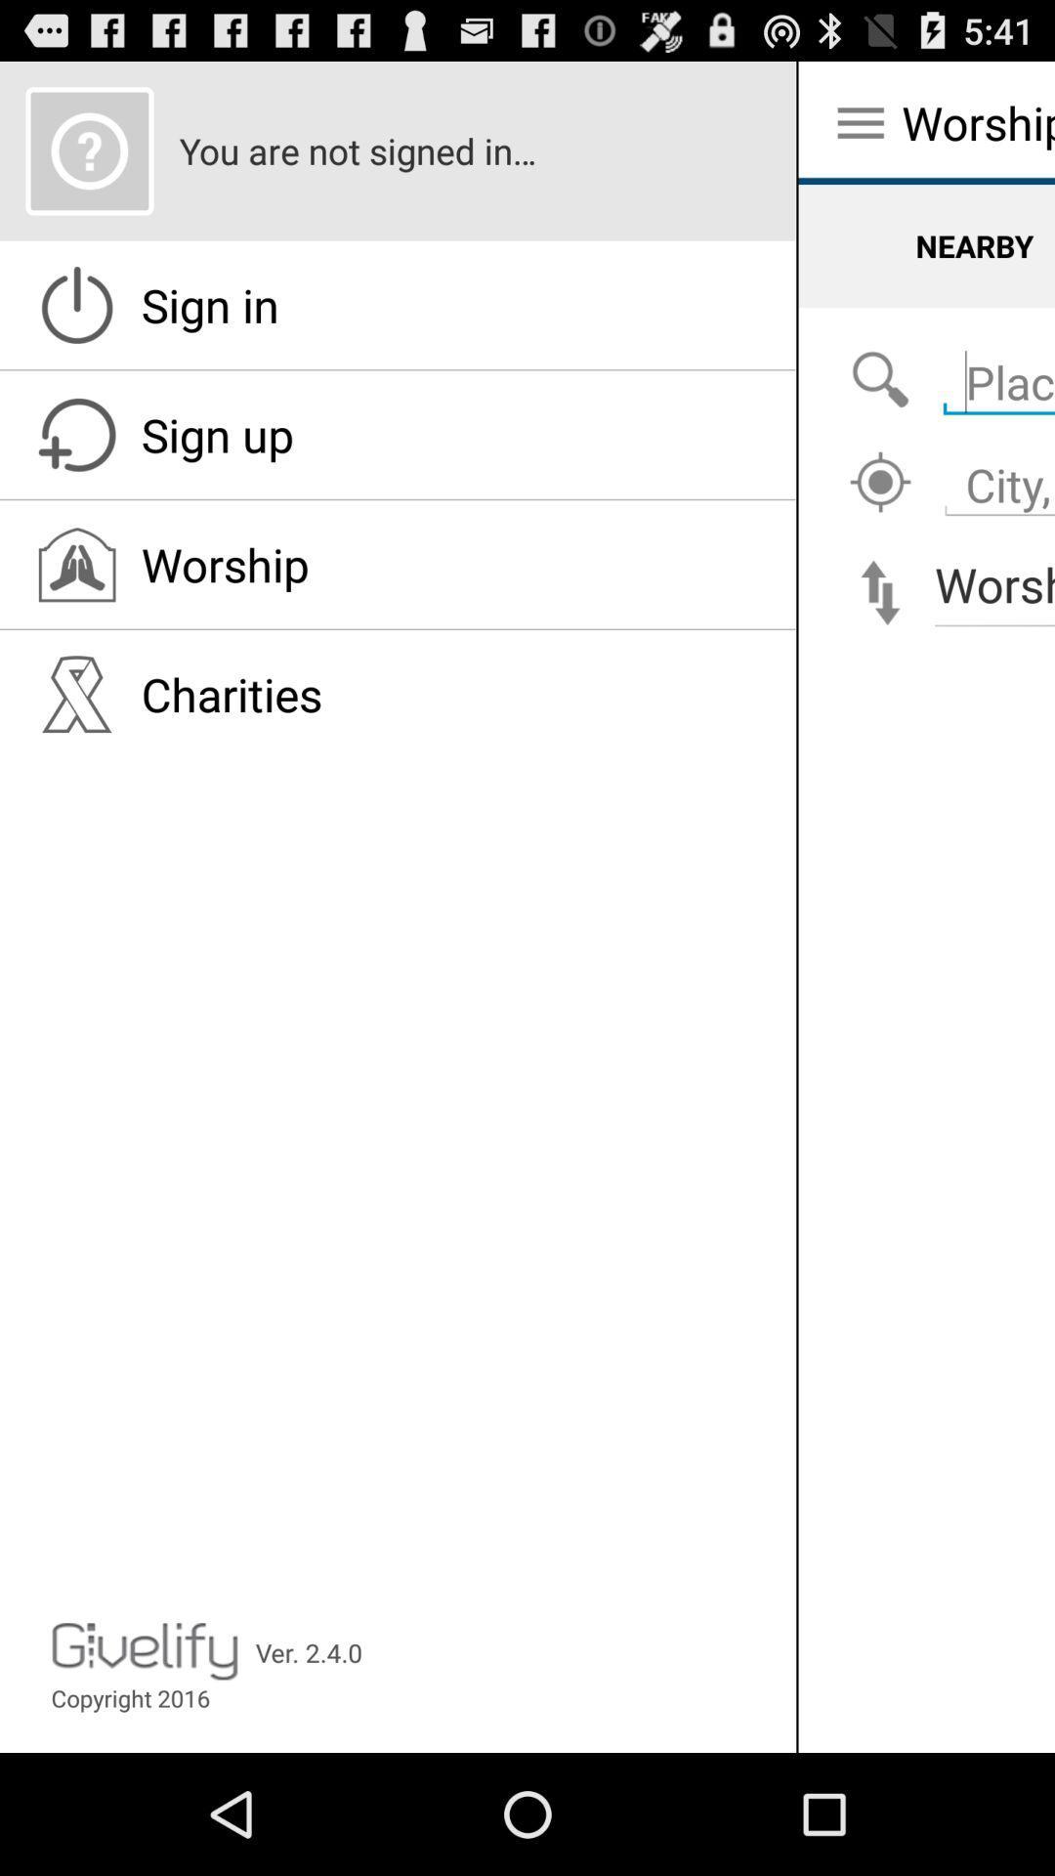 The image size is (1055, 1876). I want to click on search, so click(880, 380).